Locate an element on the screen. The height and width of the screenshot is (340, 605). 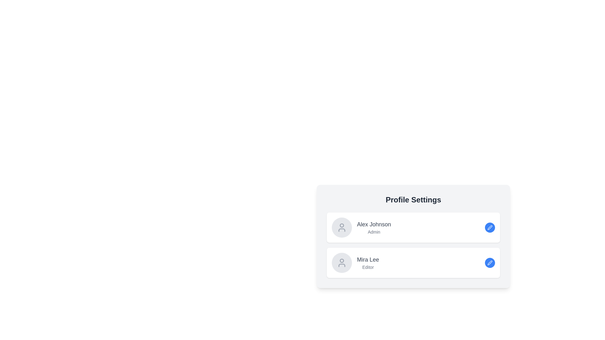
text displayed as 'Mira Lee' and 'Editor' which is located in the profile card row under 'Alex Johnson Admin', positioned to the right of the profile icon is located at coordinates (368, 263).